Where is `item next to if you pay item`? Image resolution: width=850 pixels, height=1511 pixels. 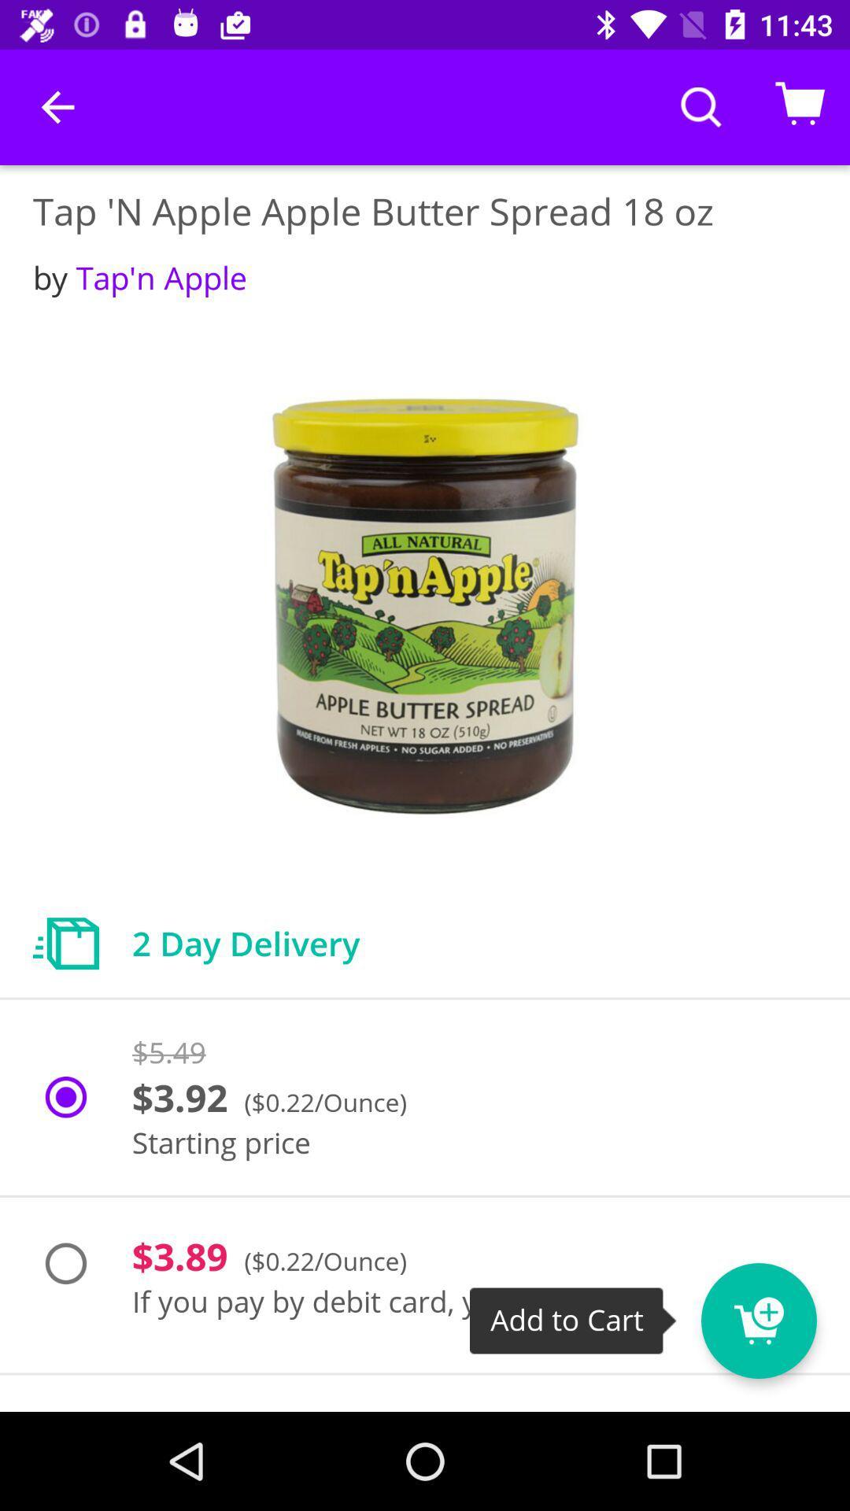
item next to if you pay item is located at coordinates (788, 1310).